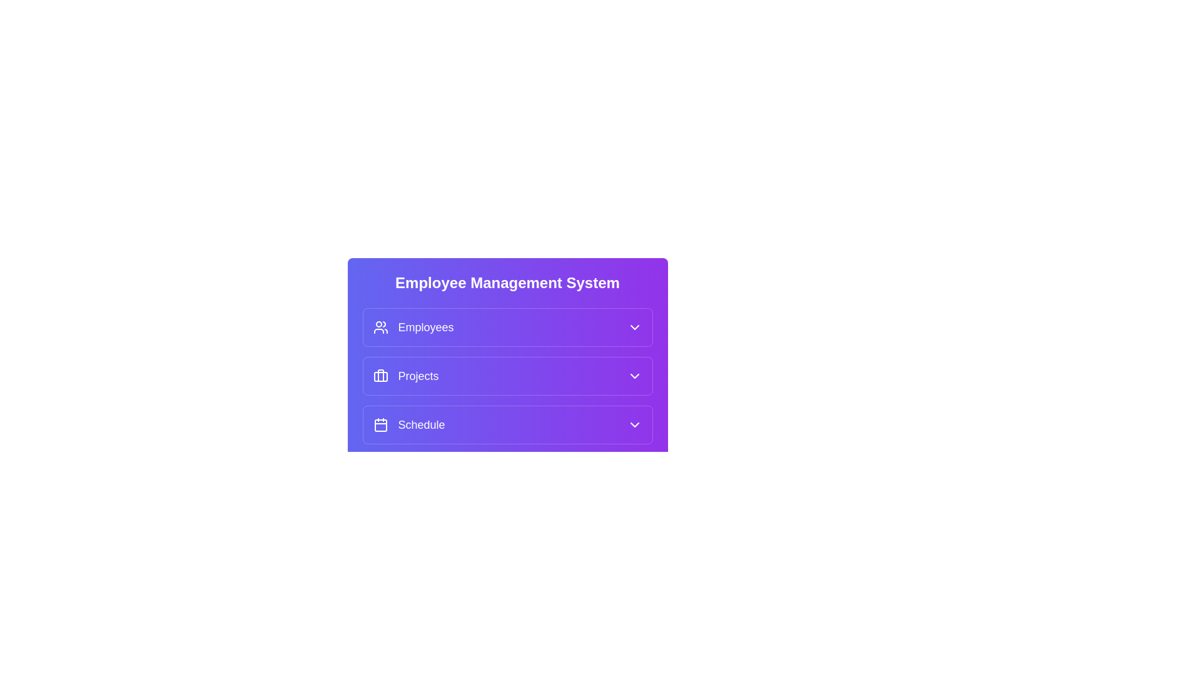 This screenshot has height=675, width=1201. Describe the element at coordinates (507, 424) in the screenshot. I see `the 'Schedule' button located` at that location.